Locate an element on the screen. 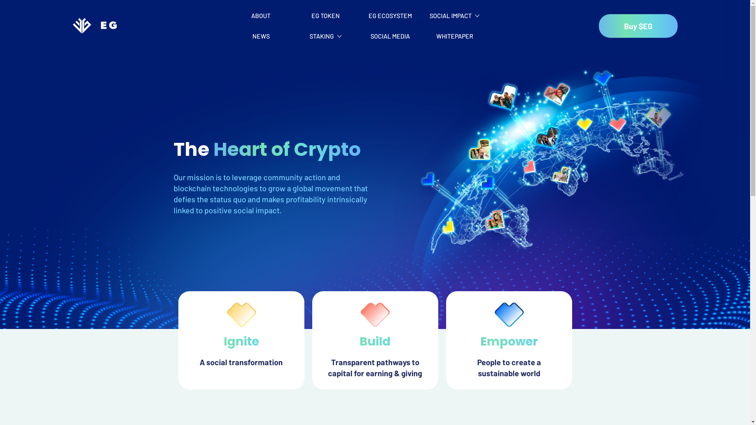  'WHITEPAPER' is located at coordinates (454, 36).